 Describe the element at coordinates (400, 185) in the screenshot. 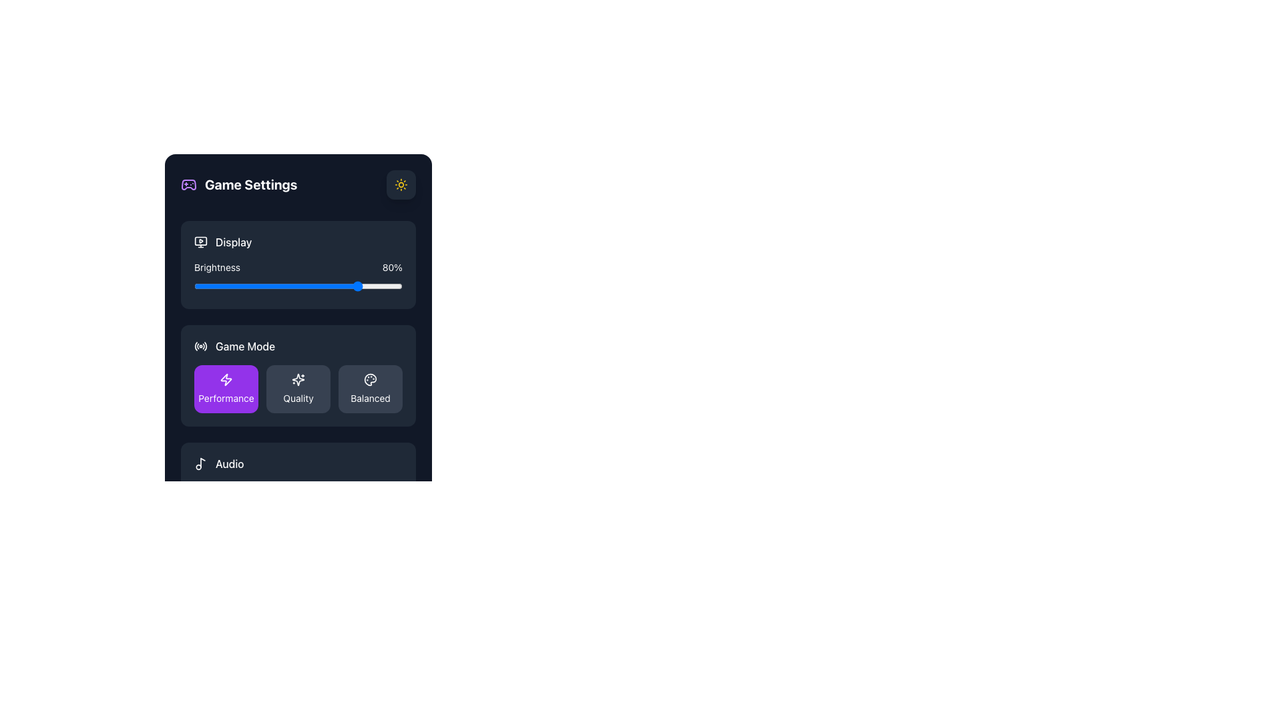

I see `the sun-like icon in the top-right corner of the panel` at that location.